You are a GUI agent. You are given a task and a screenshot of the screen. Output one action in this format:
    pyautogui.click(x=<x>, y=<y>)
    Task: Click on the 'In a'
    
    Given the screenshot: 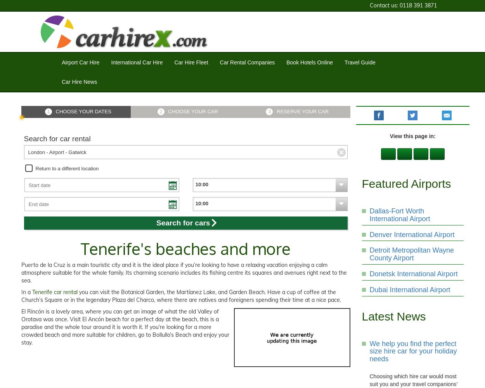 What is the action you would take?
    pyautogui.click(x=26, y=292)
    